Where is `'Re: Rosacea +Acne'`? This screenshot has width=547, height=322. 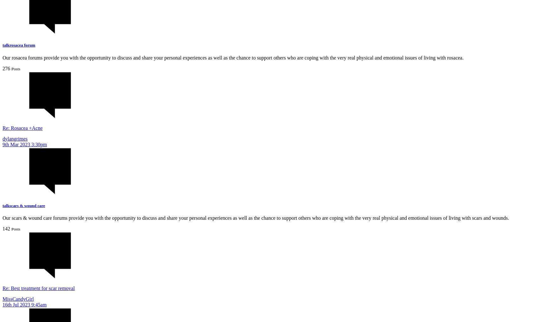 'Re: Rosacea +Acne' is located at coordinates (22, 128).